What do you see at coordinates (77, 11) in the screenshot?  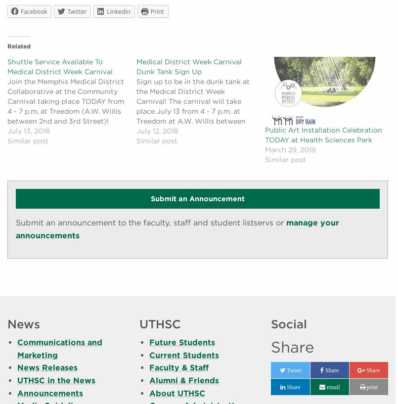 I see `'Twitter'` at bounding box center [77, 11].